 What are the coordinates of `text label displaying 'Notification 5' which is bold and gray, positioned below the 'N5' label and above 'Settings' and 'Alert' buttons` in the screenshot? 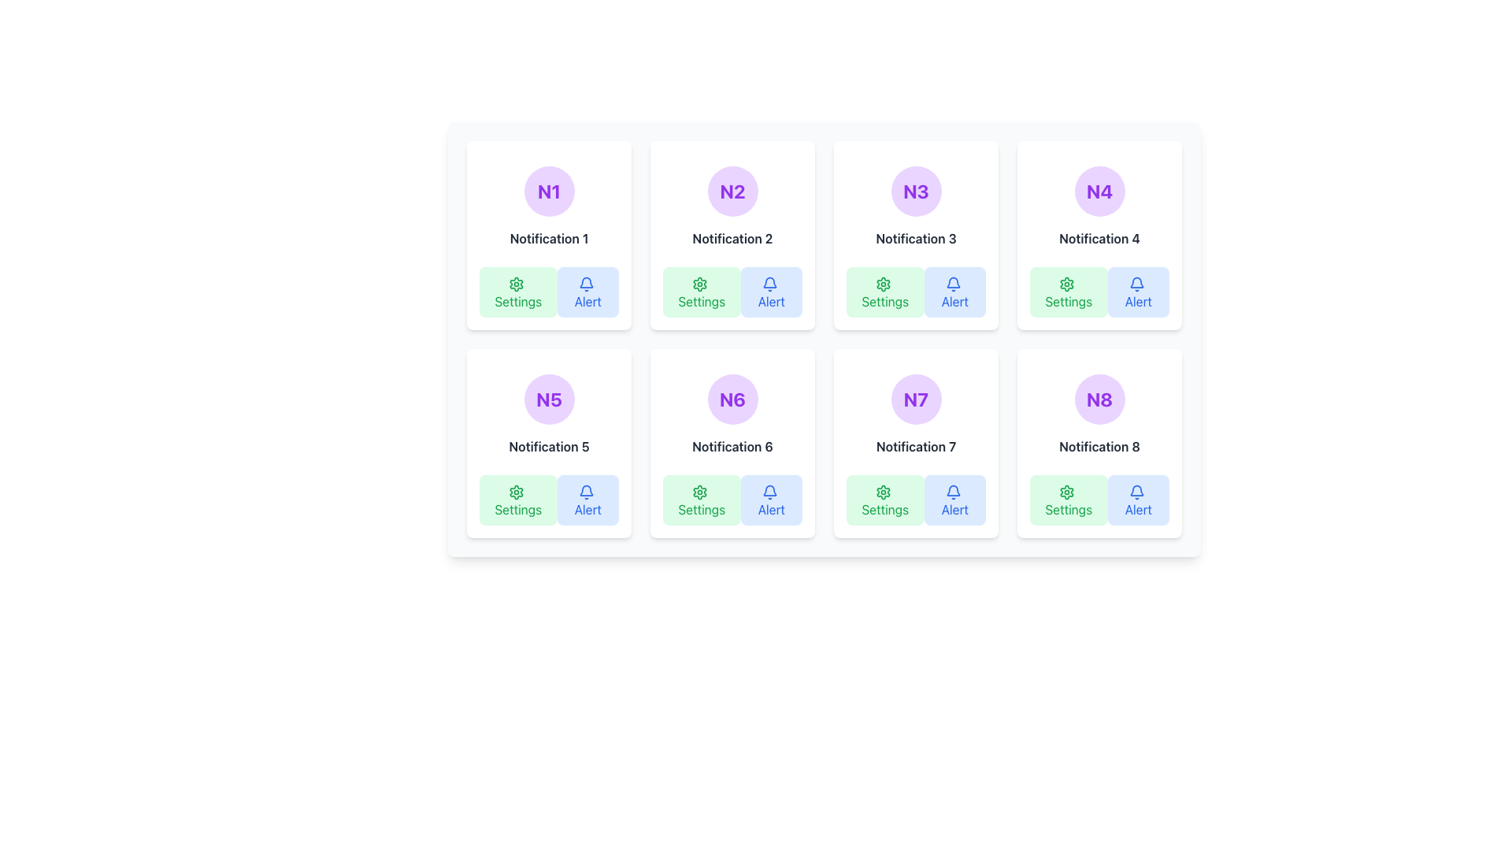 It's located at (549, 447).